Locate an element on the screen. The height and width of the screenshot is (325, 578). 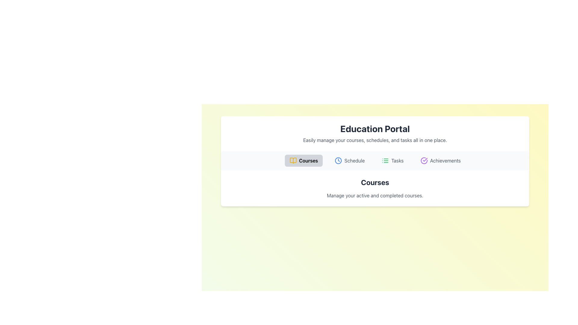
the 'Tasks' button, which is the third button in the navigation bar below the 'Education Portal' heading is located at coordinates (393, 160).